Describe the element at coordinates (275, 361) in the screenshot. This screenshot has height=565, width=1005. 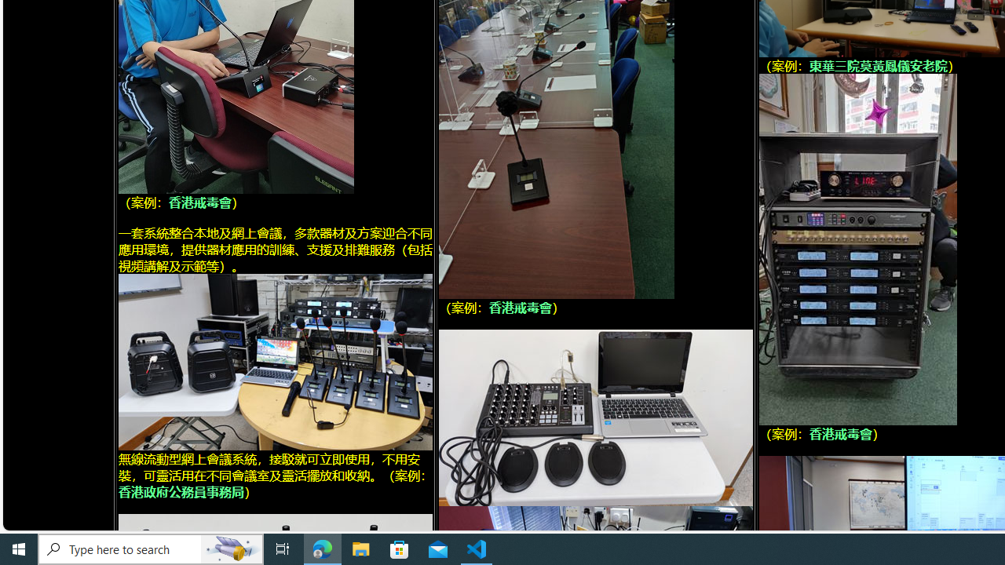
I see `'online meeting, zoom meeting,'` at that location.